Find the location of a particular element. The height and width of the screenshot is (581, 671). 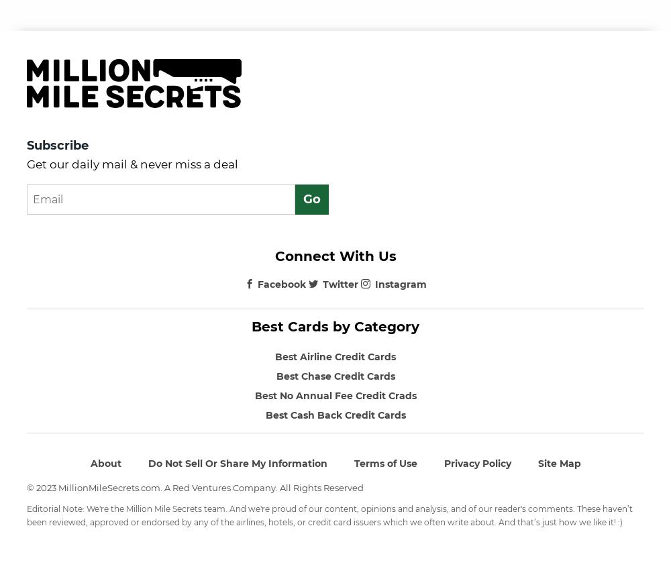

'Best Airline Credit Cards' is located at coordinates (335, 356).